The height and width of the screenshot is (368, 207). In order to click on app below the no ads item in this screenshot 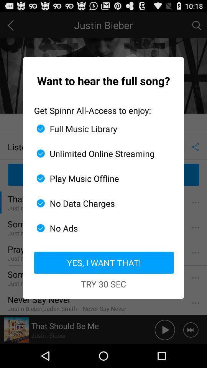, I will do `click(103, 263)`.